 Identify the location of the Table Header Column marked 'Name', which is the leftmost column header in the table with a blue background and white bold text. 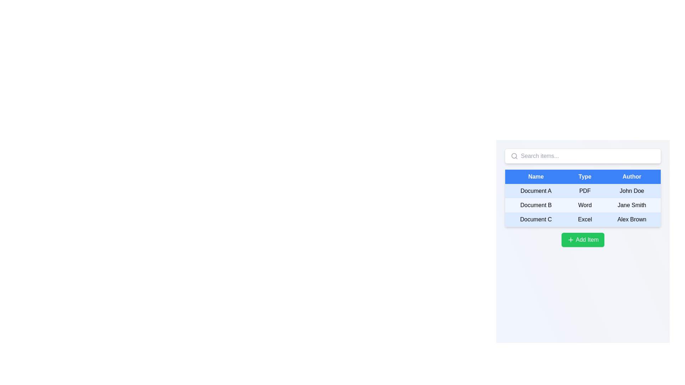
(536, 176).